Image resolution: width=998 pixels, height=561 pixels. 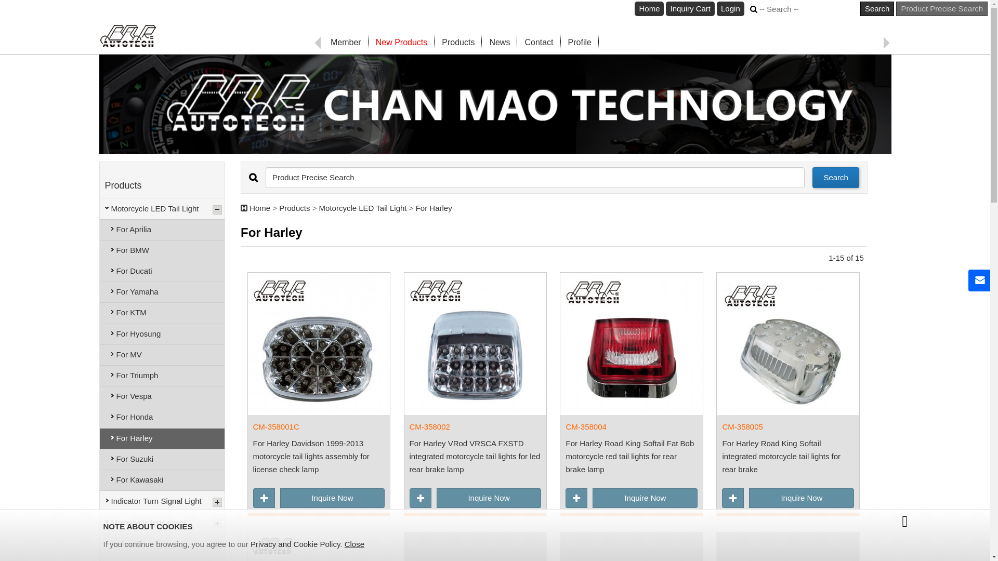 What do you see at coordinates (401, 42) in the screenshot?
I see `'New Products'` at bounding box center [401, 42].